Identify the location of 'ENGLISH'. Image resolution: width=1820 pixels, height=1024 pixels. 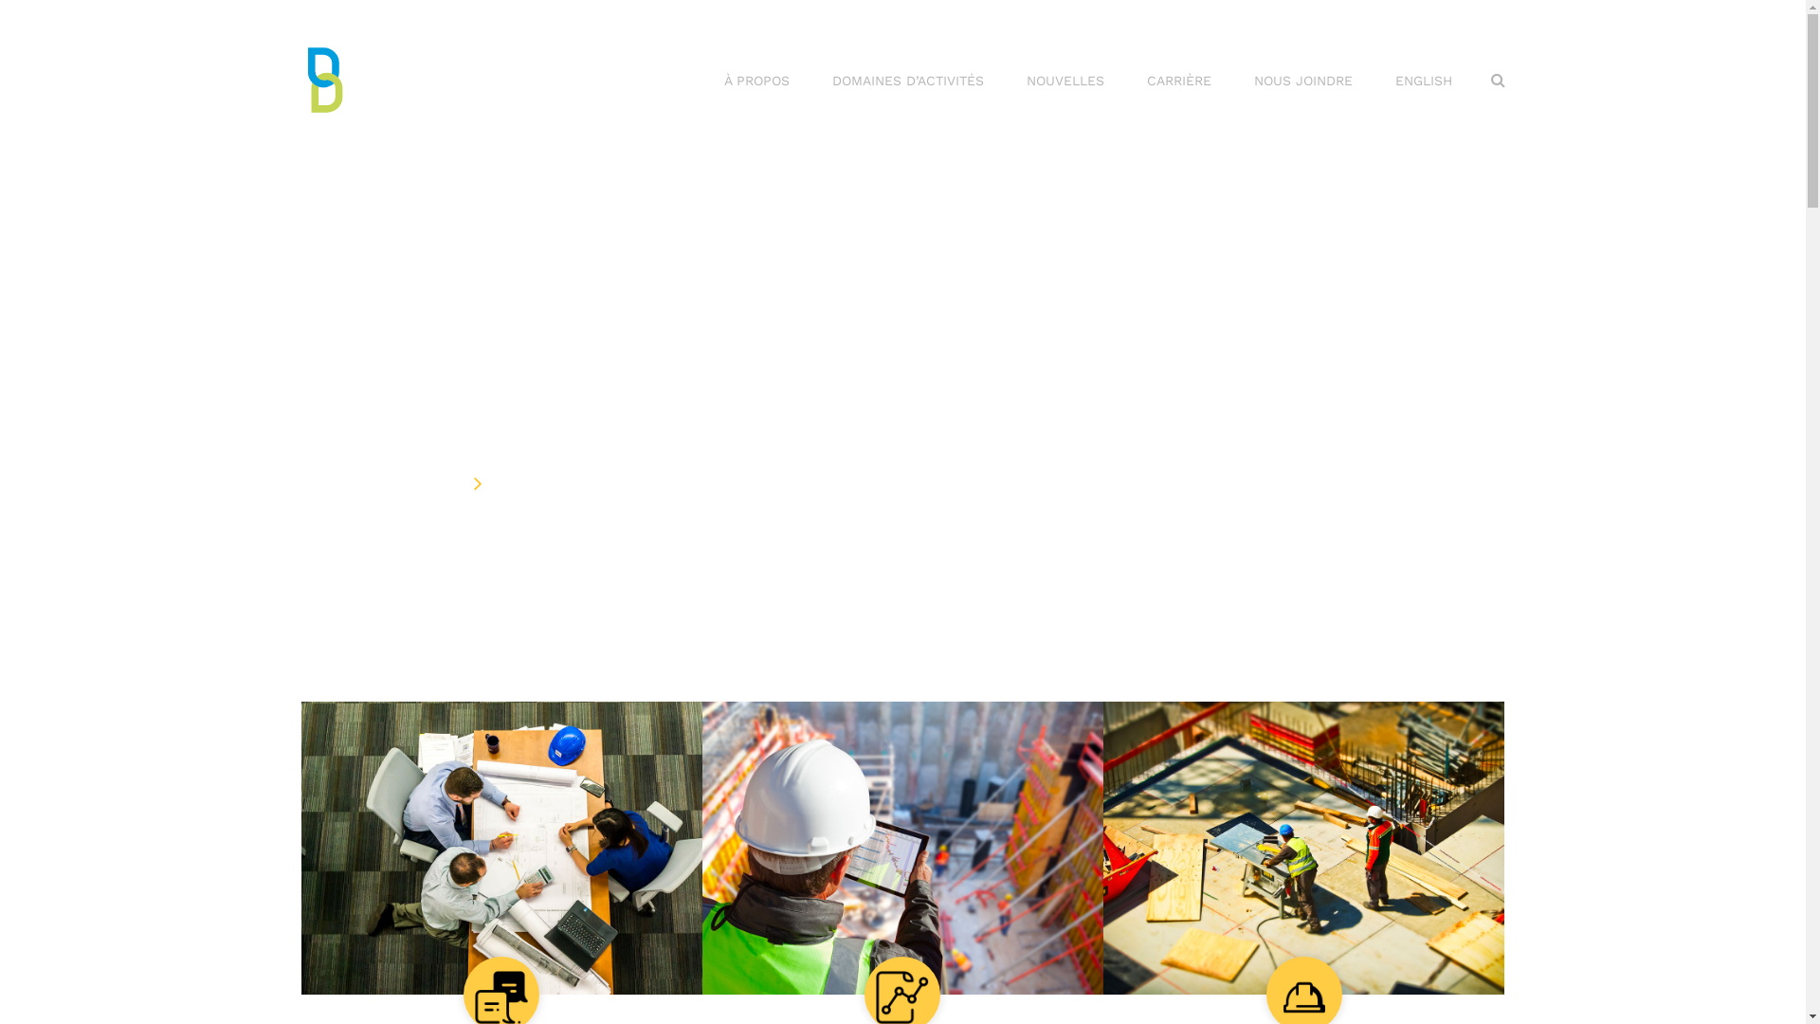
(1424, 80).